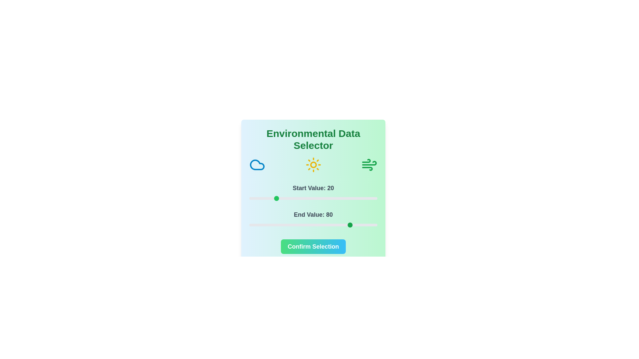 The image size is (639, 359). Describe the element at coordinates (328, 198) in the screenshot. I see `the slider` at that location.